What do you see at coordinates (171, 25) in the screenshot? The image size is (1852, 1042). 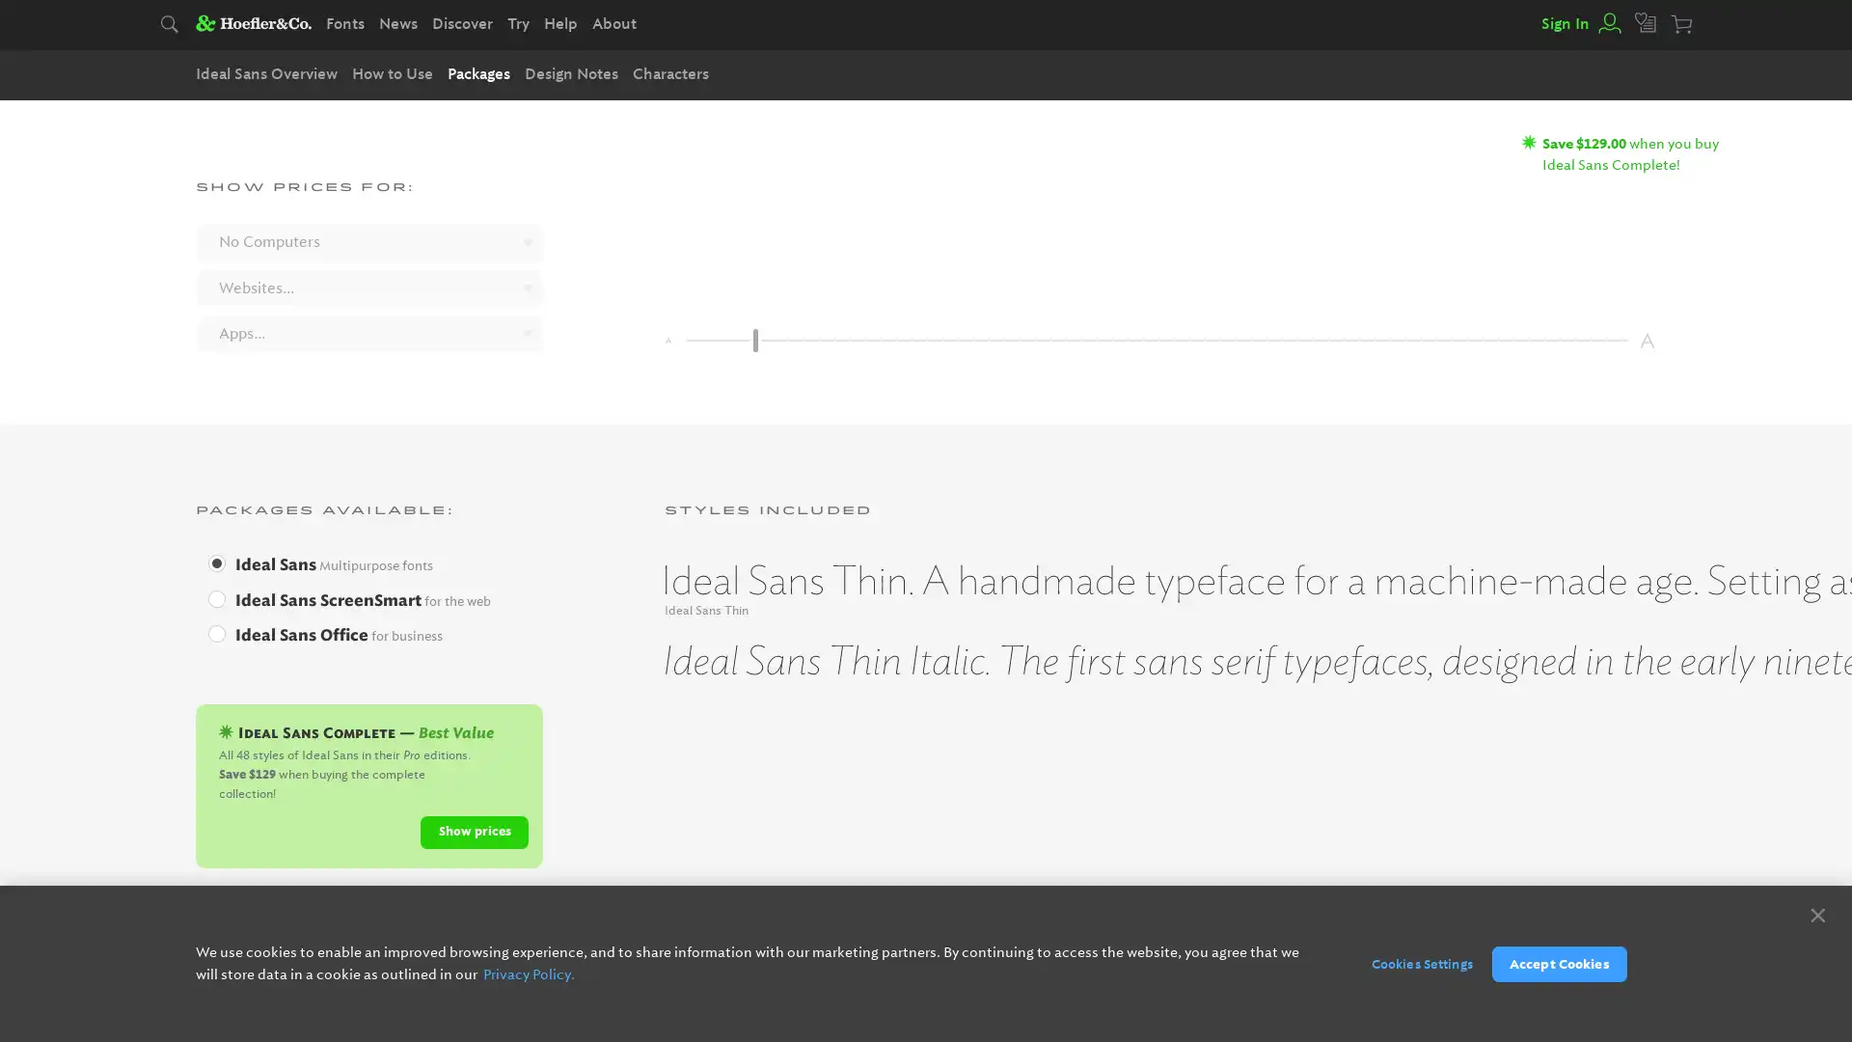 I see `Search typography.com` at bounding box center [171, 25].